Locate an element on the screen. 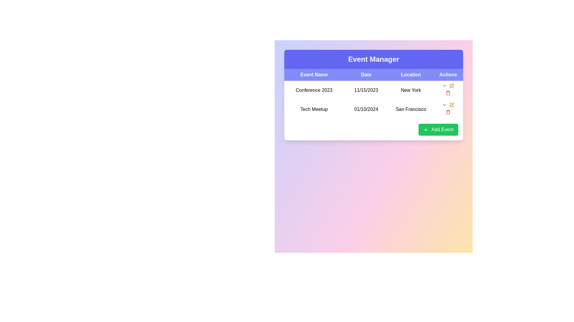 Image resolution: width=574 pixels, height=322 pixels. the green rectangular button labeled 'Add Event' with a plus icon is located at coordinates (438, 129).